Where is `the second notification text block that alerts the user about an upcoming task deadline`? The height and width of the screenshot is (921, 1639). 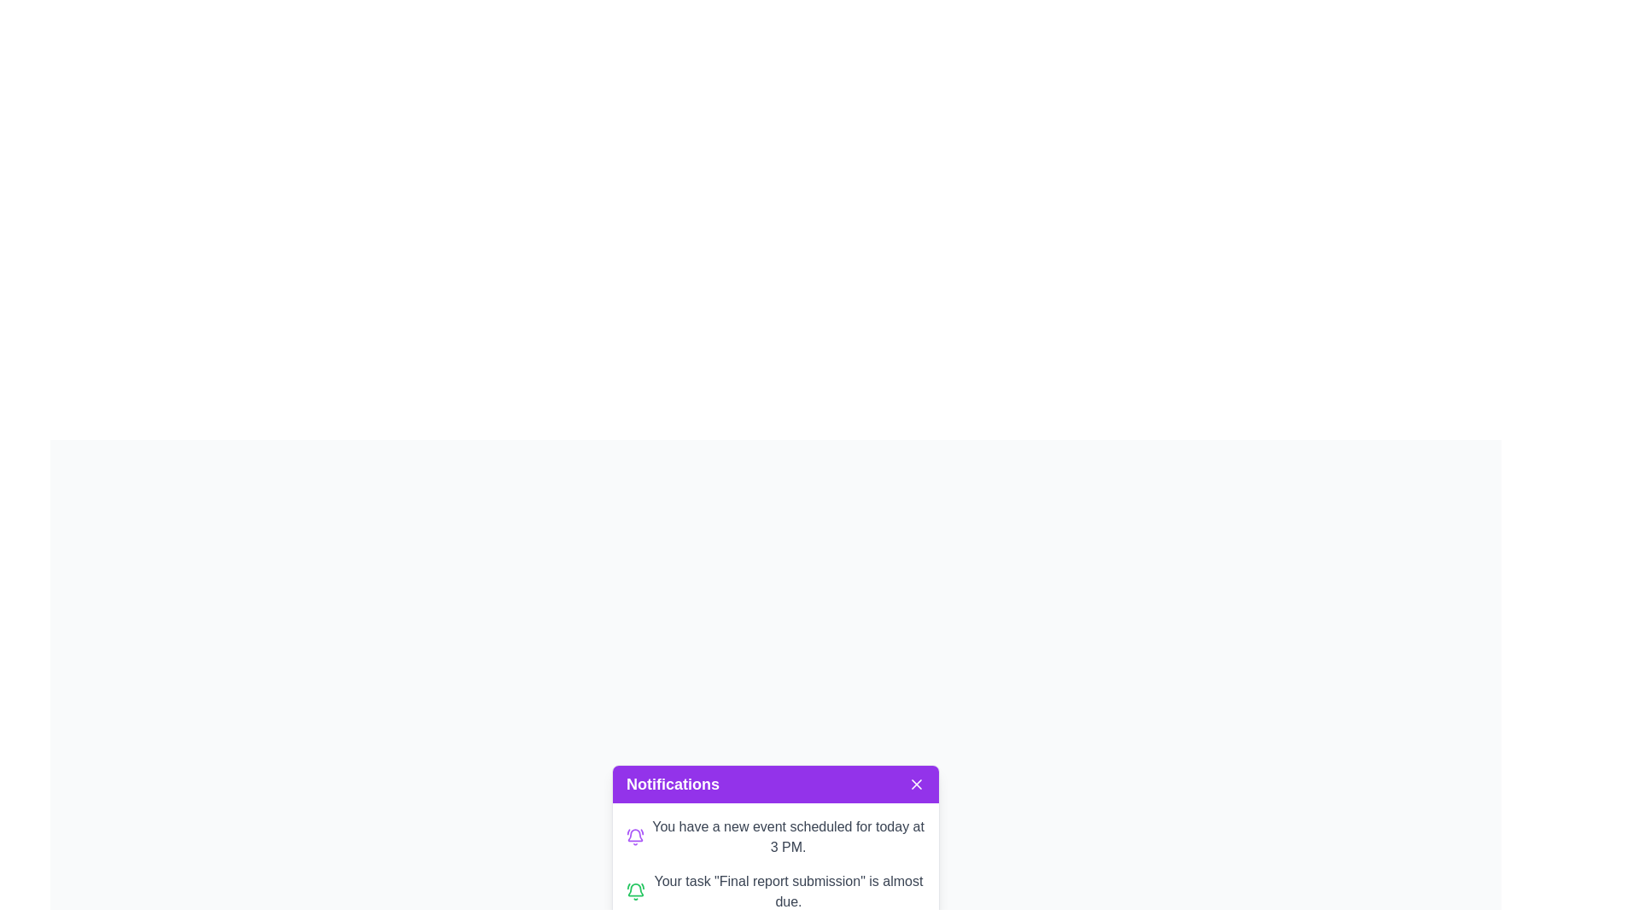 the second notification text block that alerts the user about an upcoming task deadline is located at coordinates (787, 890).